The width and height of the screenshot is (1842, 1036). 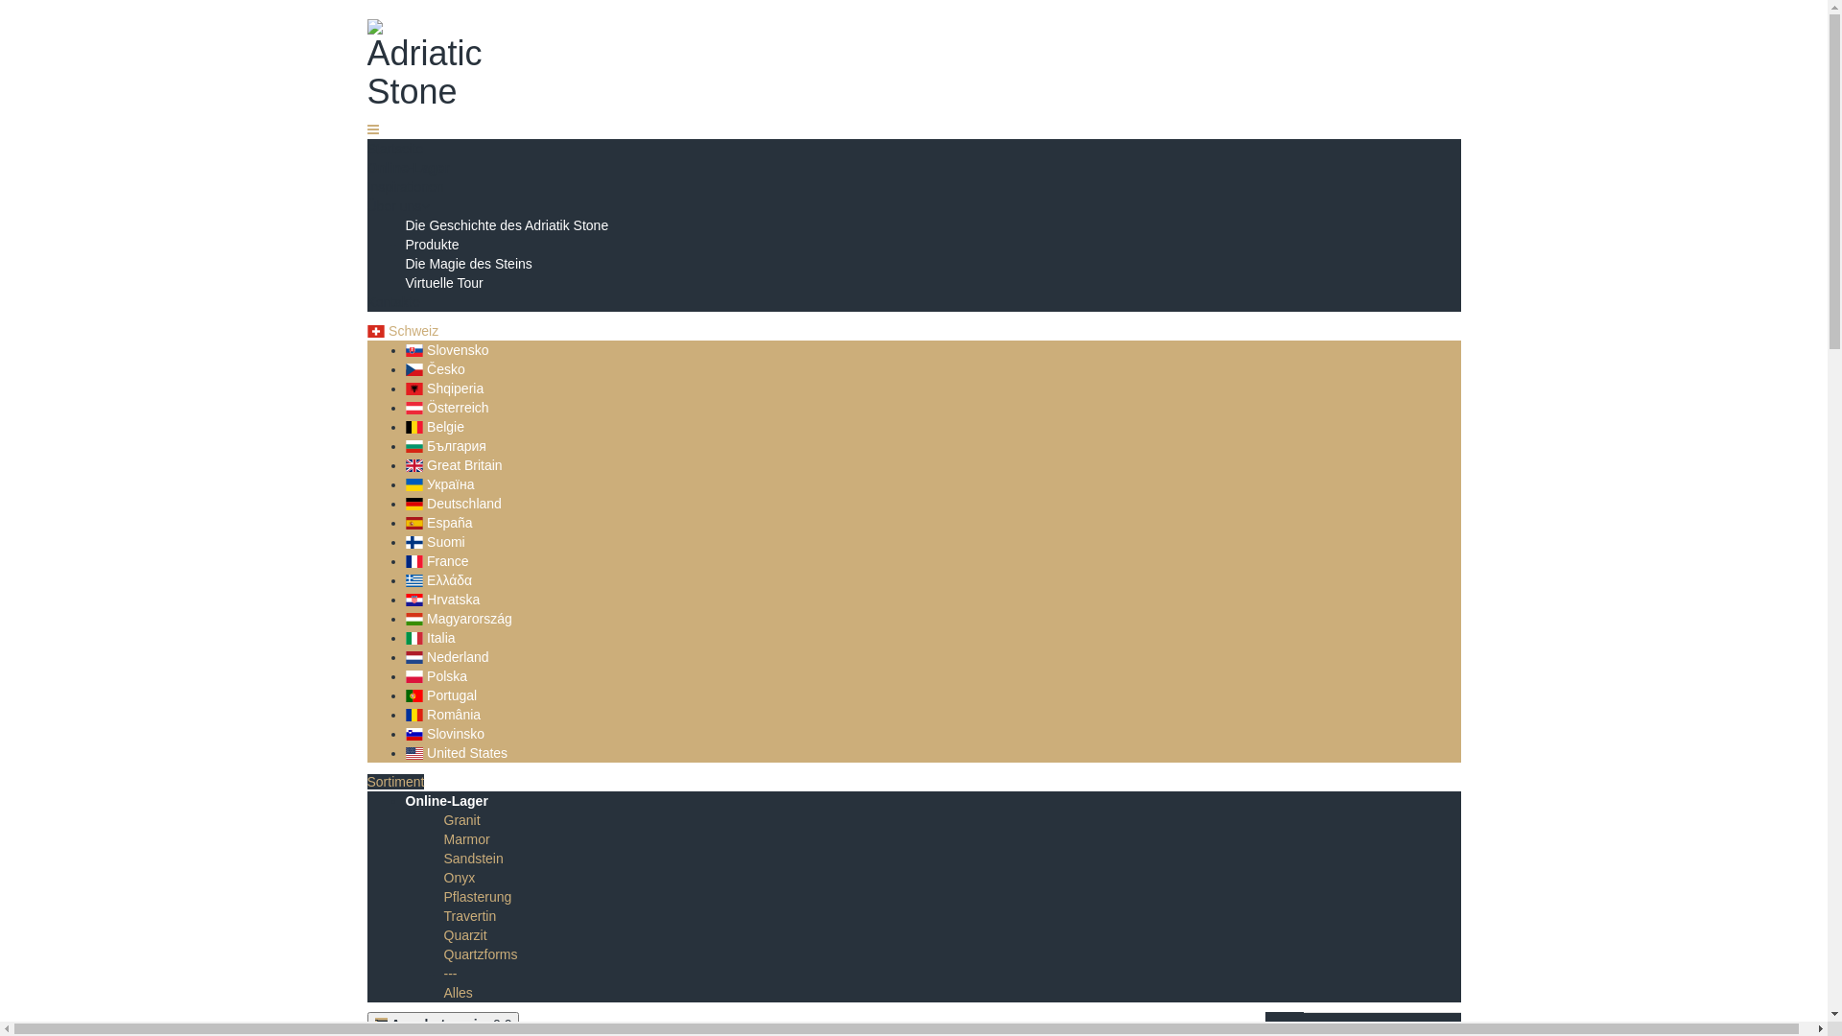 I want to click on 'Virtuelle Tour', so click(x=404, y=282).